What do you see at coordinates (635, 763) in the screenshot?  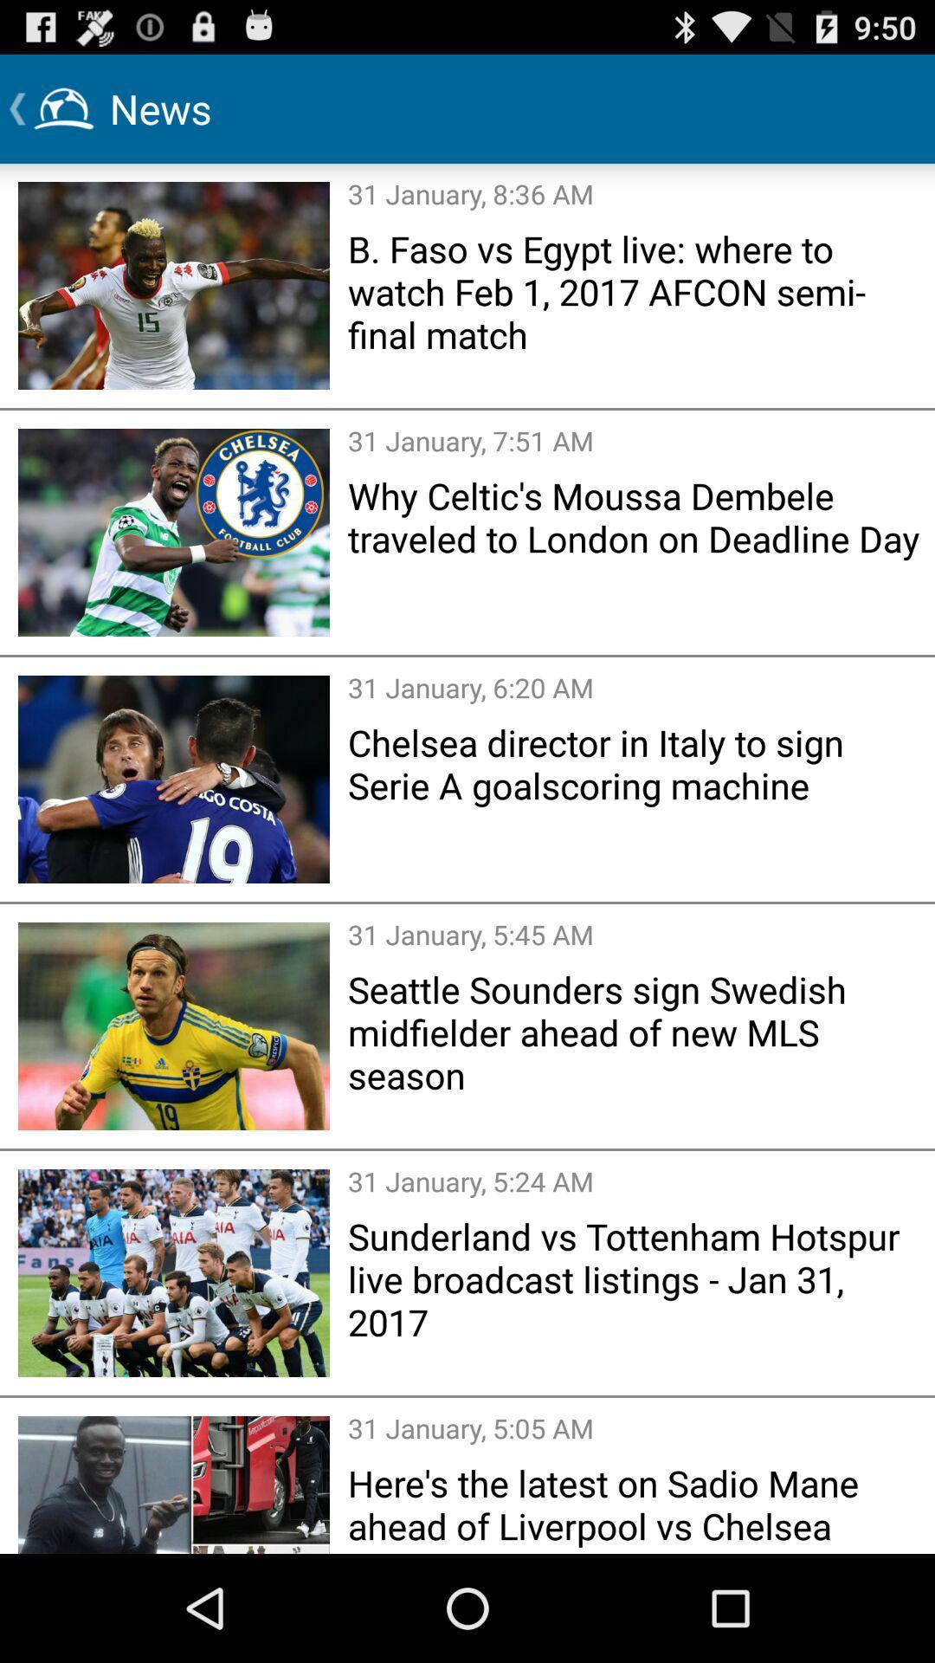 I see `icon above the 31 january 5 item` at bounding box center [635, 763].